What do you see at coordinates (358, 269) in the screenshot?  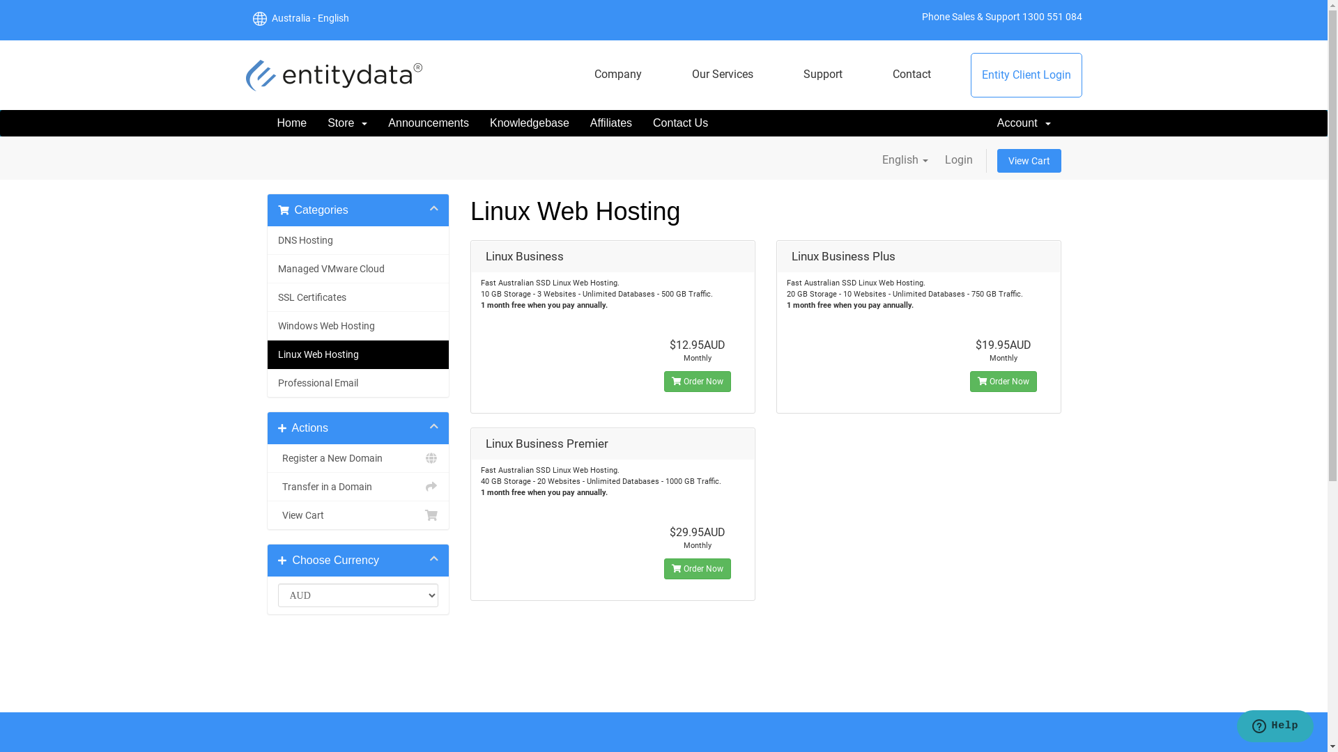 I see `'Managed VMware Cloud'` at bounding box center [358, 269].